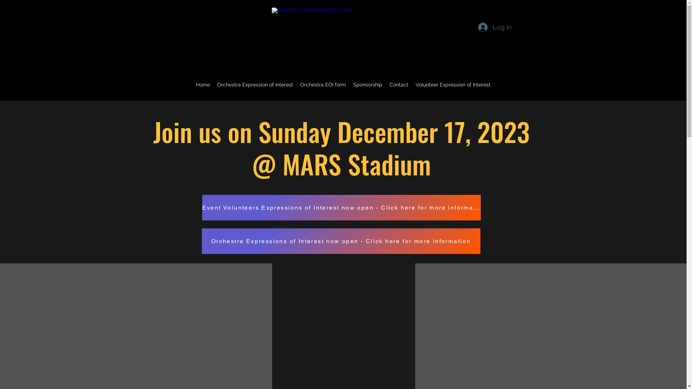 This screenshot has width=692, height=389. What do you see at coordinates (203, 84) in the screenshot?
I see `'Home'` at bounding box center [203, 84].